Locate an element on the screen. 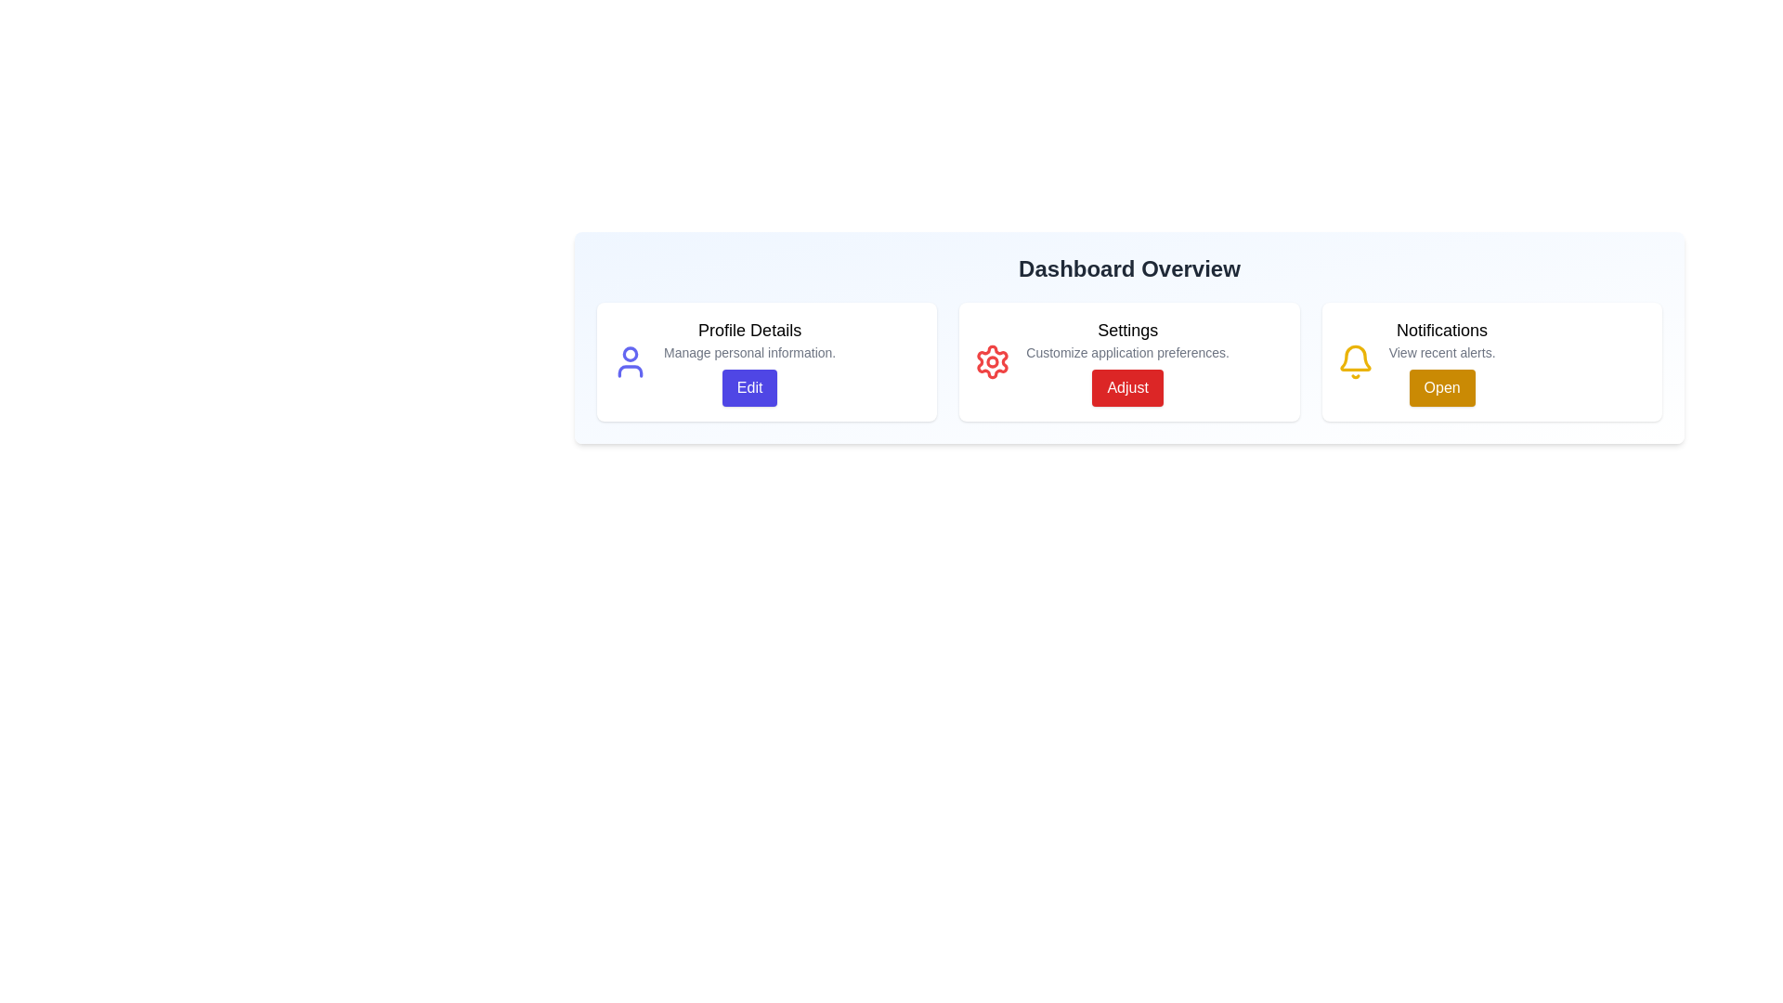 The image size is (1783, 1003). the SVG circle element that represents part of the user profile icon in the 'Profile Details' card is located at coordinates (630, 354).